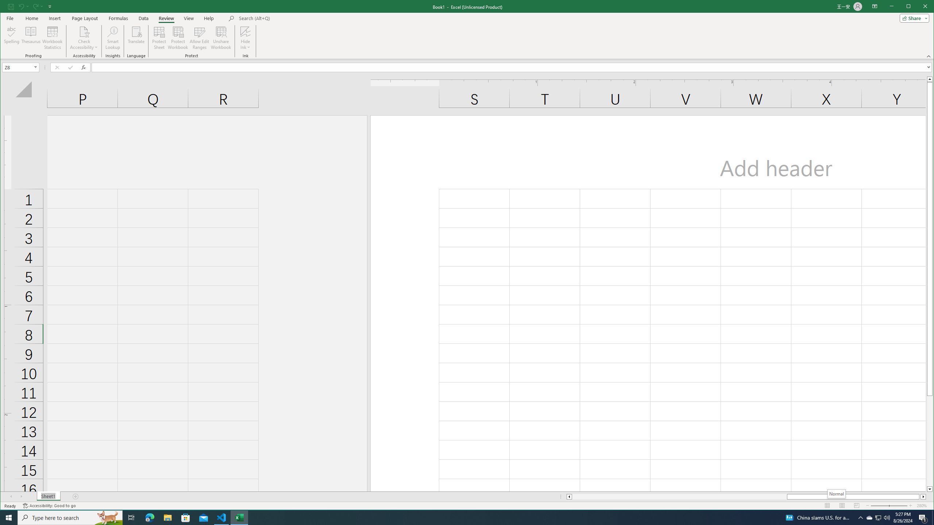 This screenshot has width=934, height=525. I want to click on 'Task View', so click(131, 517).